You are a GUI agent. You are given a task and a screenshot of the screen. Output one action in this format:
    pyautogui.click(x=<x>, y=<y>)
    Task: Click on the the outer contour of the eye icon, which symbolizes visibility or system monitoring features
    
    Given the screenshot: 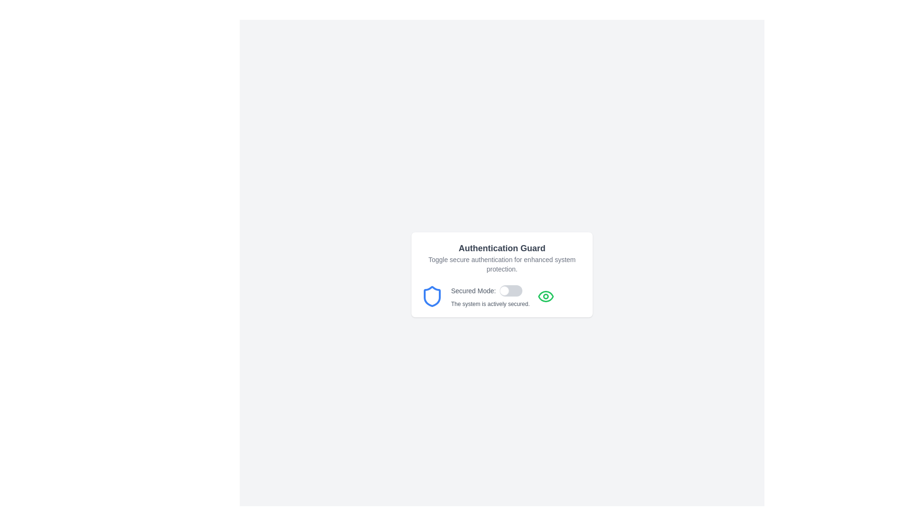 What is the action you would take?
    pyautogui.click(x=545, y=296)
    